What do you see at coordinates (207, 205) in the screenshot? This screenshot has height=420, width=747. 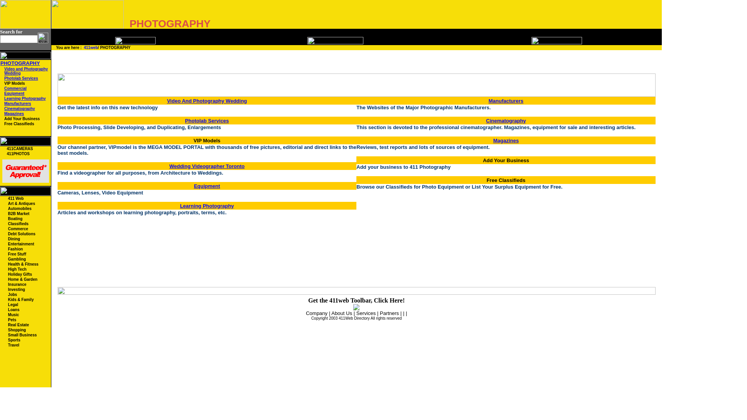 I see `'Learning Photography'` at bounding box center [207, 205].